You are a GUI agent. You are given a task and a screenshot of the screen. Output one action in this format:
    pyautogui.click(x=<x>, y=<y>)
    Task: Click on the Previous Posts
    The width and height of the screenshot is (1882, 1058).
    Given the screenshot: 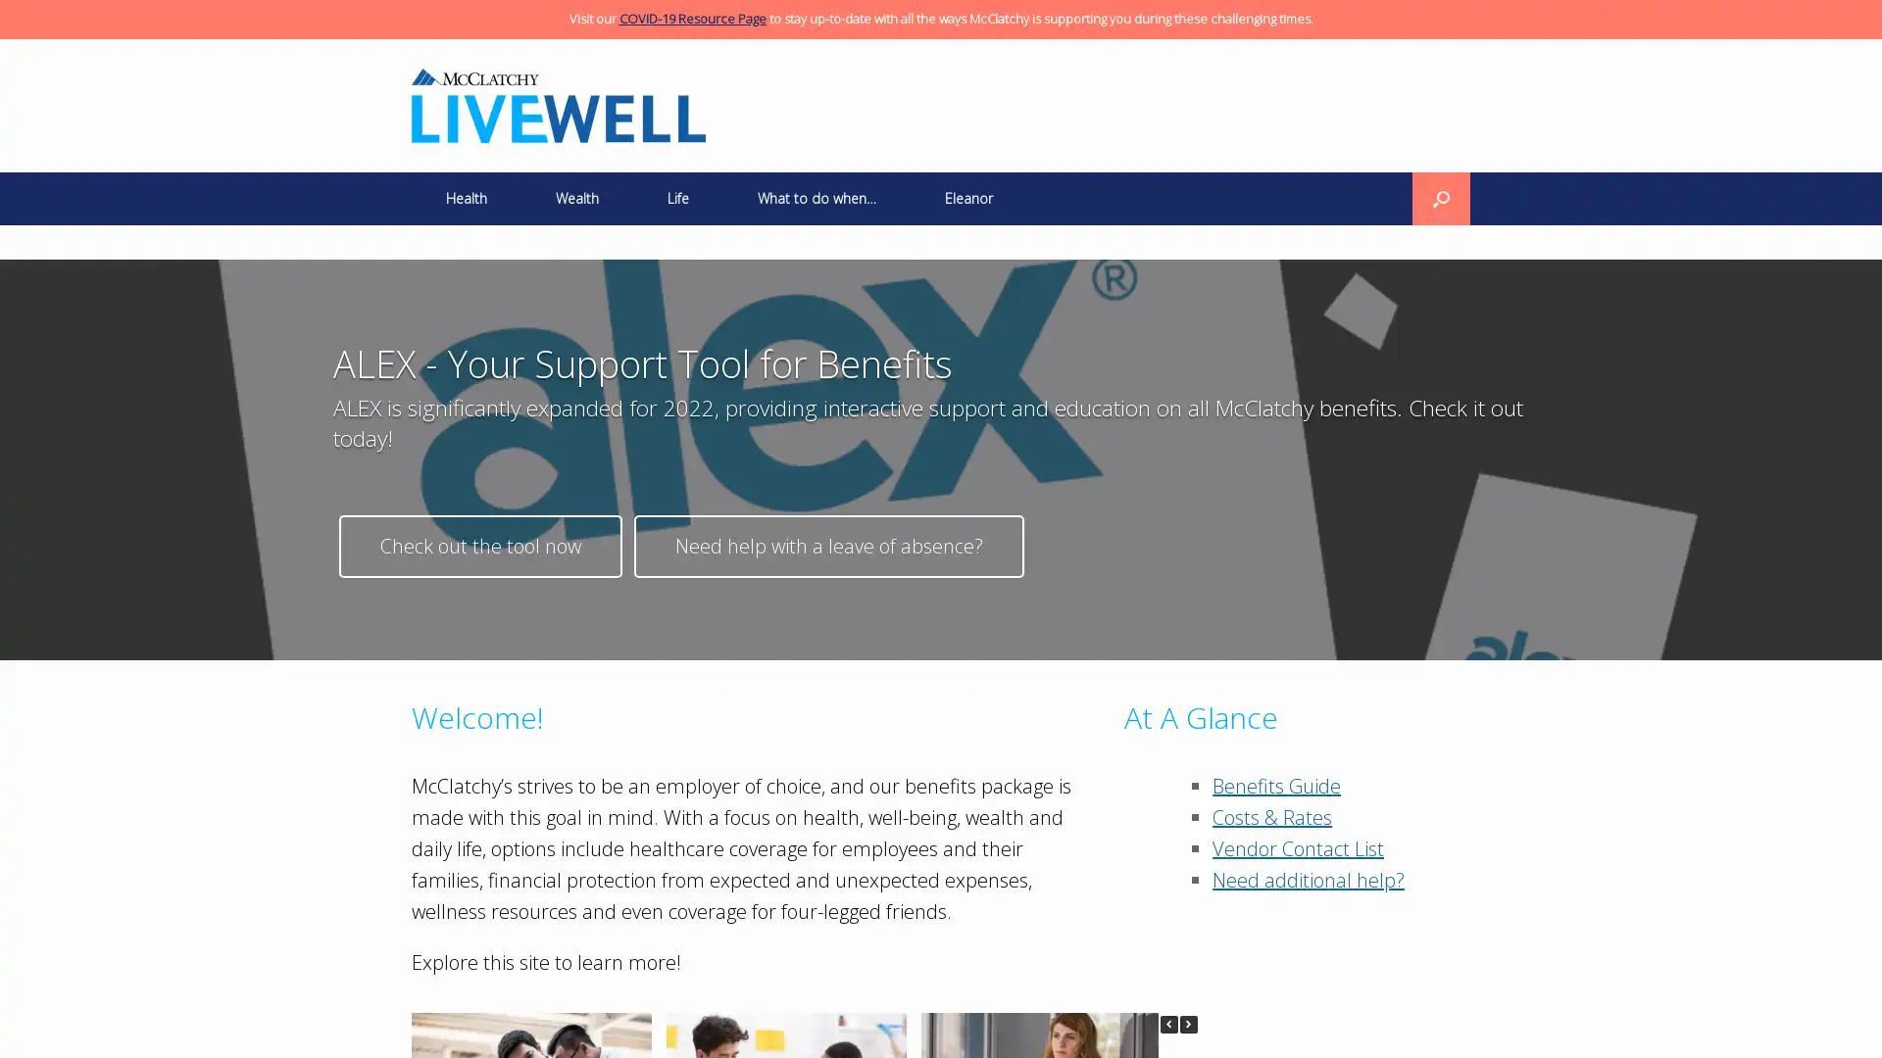 What is the action you would take?
    pyautogui.click(x=1167, y=1023)
    